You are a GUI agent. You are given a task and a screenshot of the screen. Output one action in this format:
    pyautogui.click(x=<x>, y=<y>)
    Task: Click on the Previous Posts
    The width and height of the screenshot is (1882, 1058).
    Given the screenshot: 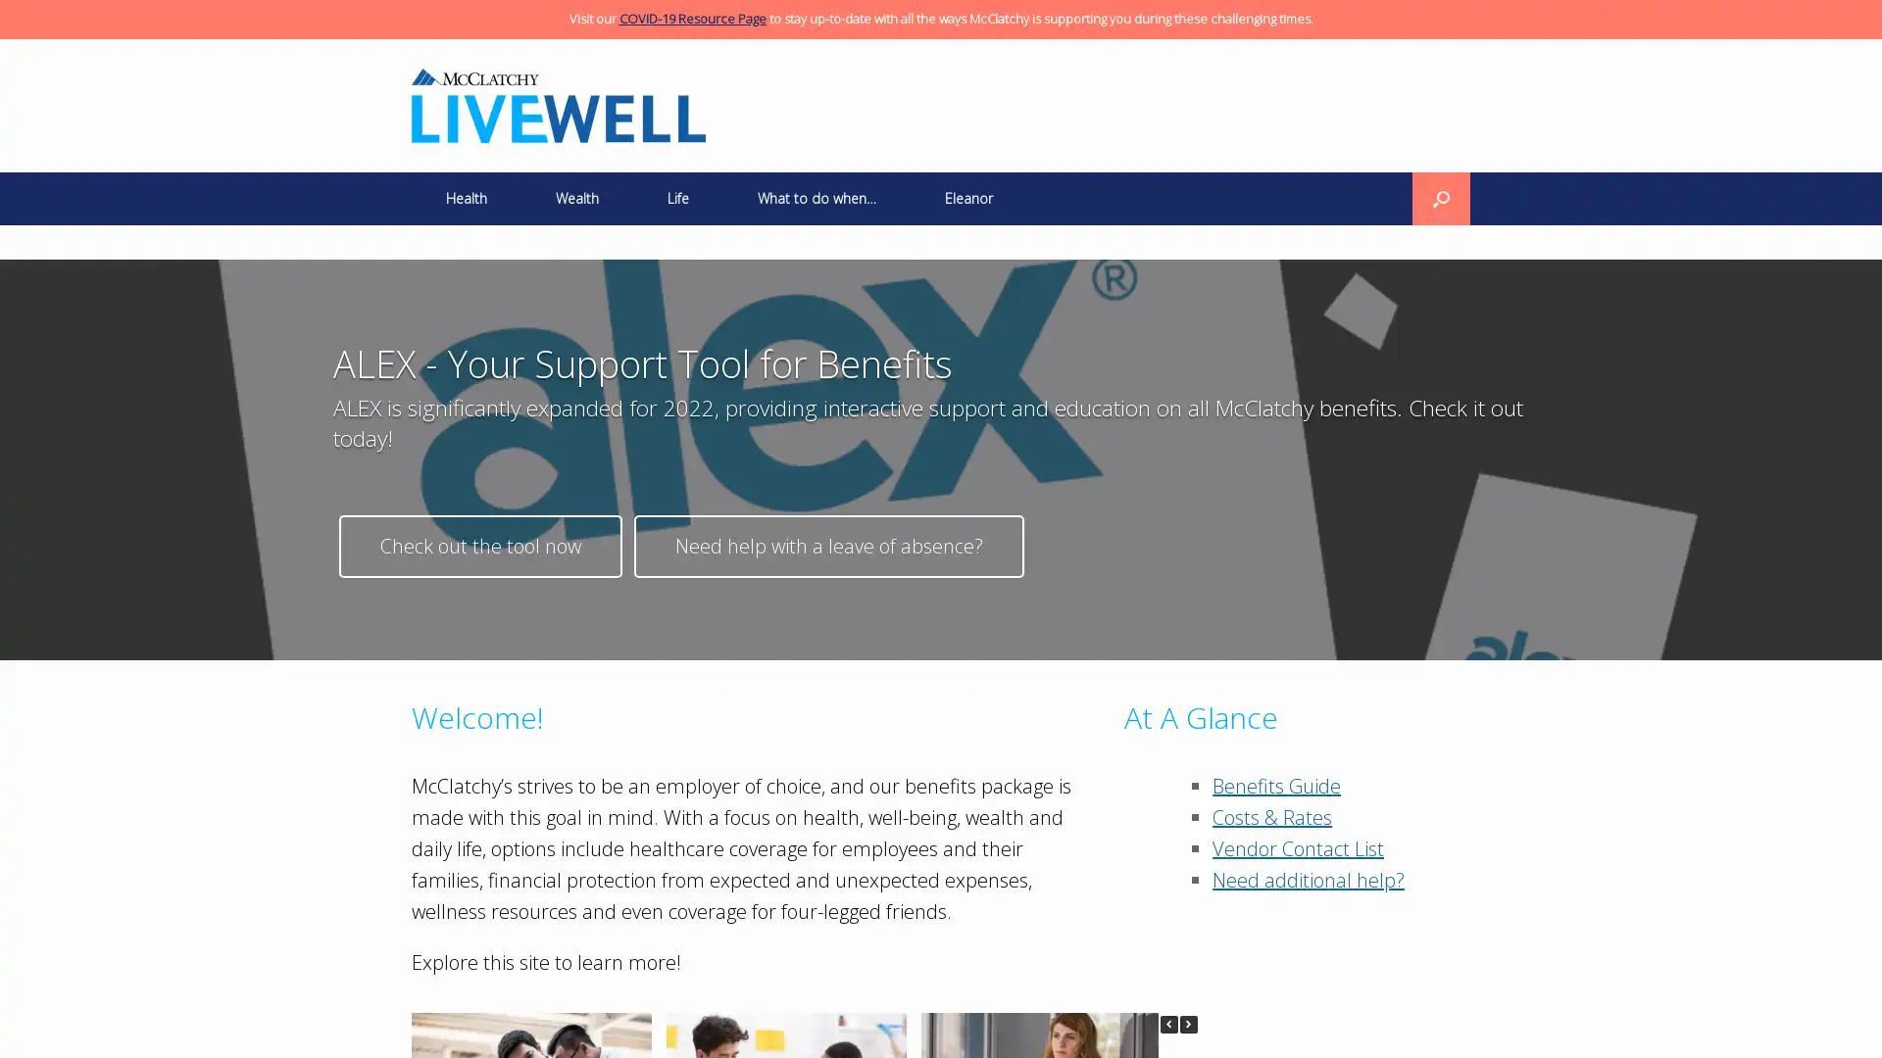 What is the action you would take?
    pyautogui.click(x=1167, y=1023)
    